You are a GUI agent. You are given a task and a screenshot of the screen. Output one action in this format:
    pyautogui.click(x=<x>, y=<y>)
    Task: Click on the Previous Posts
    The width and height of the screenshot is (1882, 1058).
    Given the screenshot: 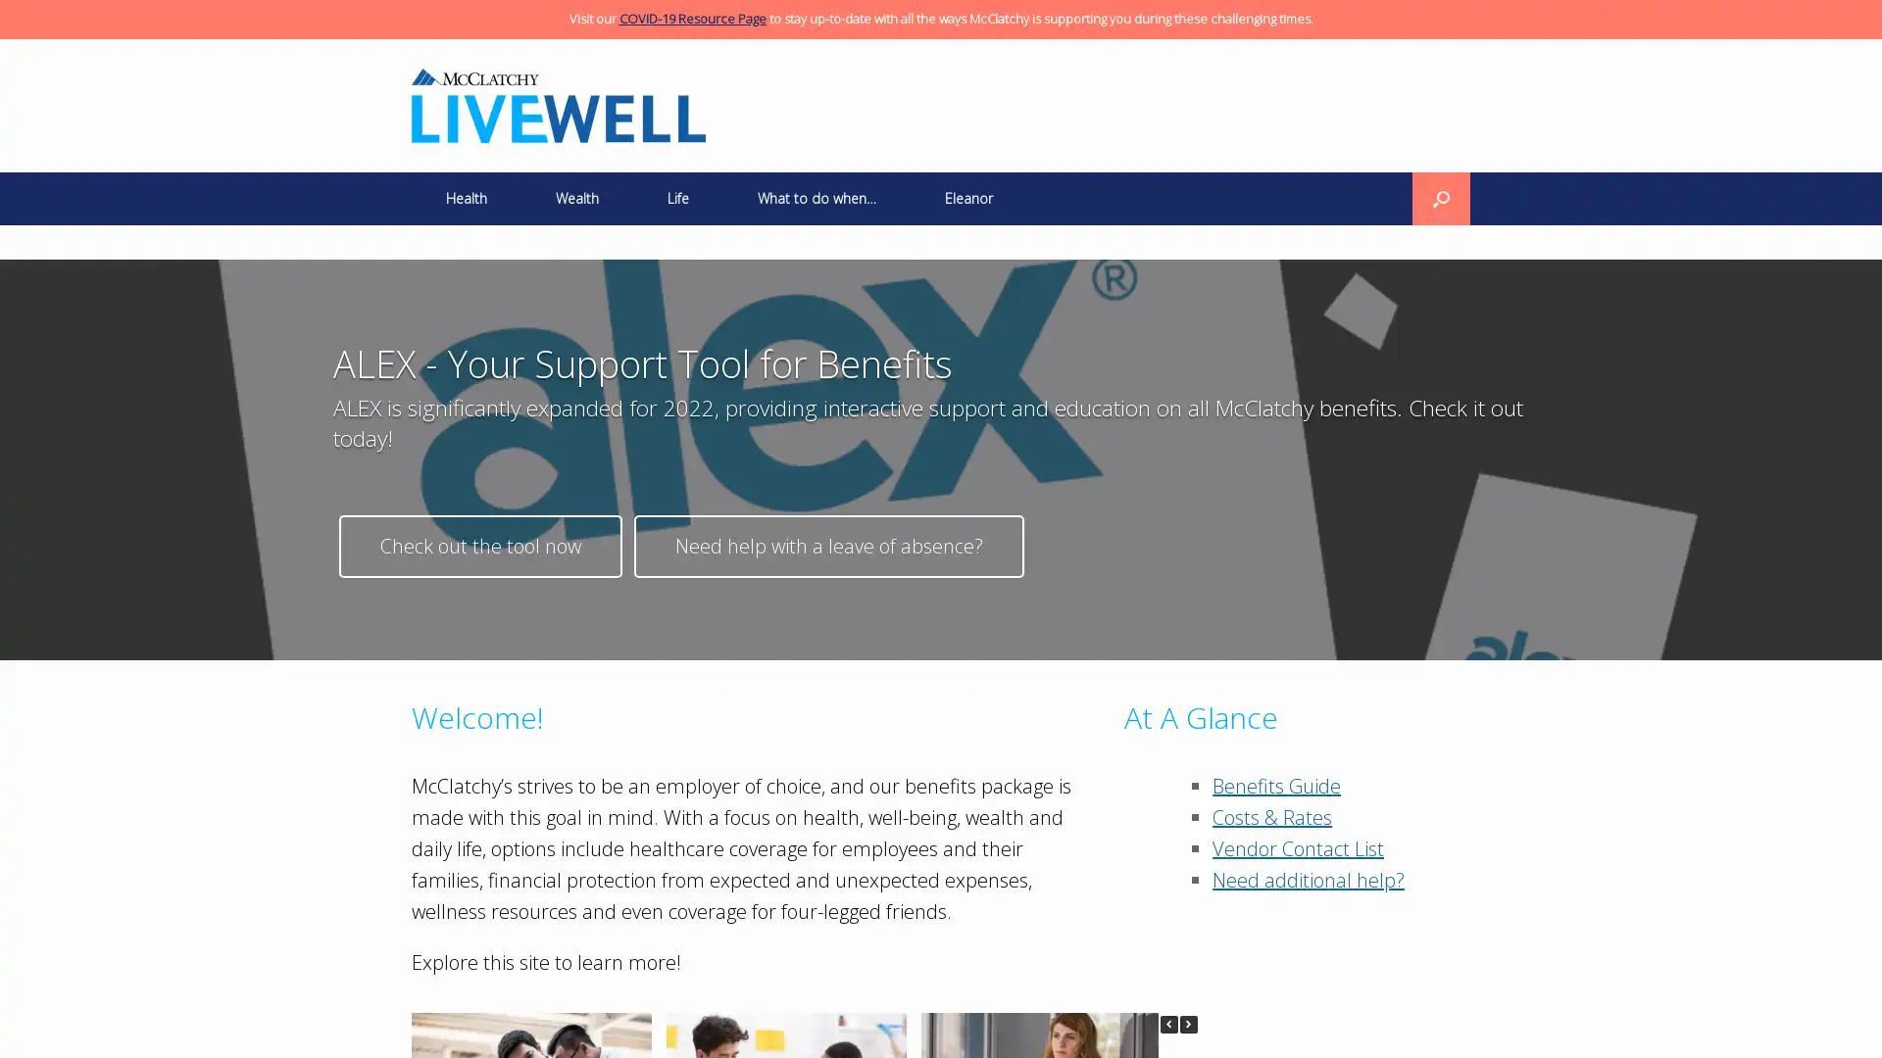 What is the action you would take?
    pyautogui.click(x=1167, y=1023)
    